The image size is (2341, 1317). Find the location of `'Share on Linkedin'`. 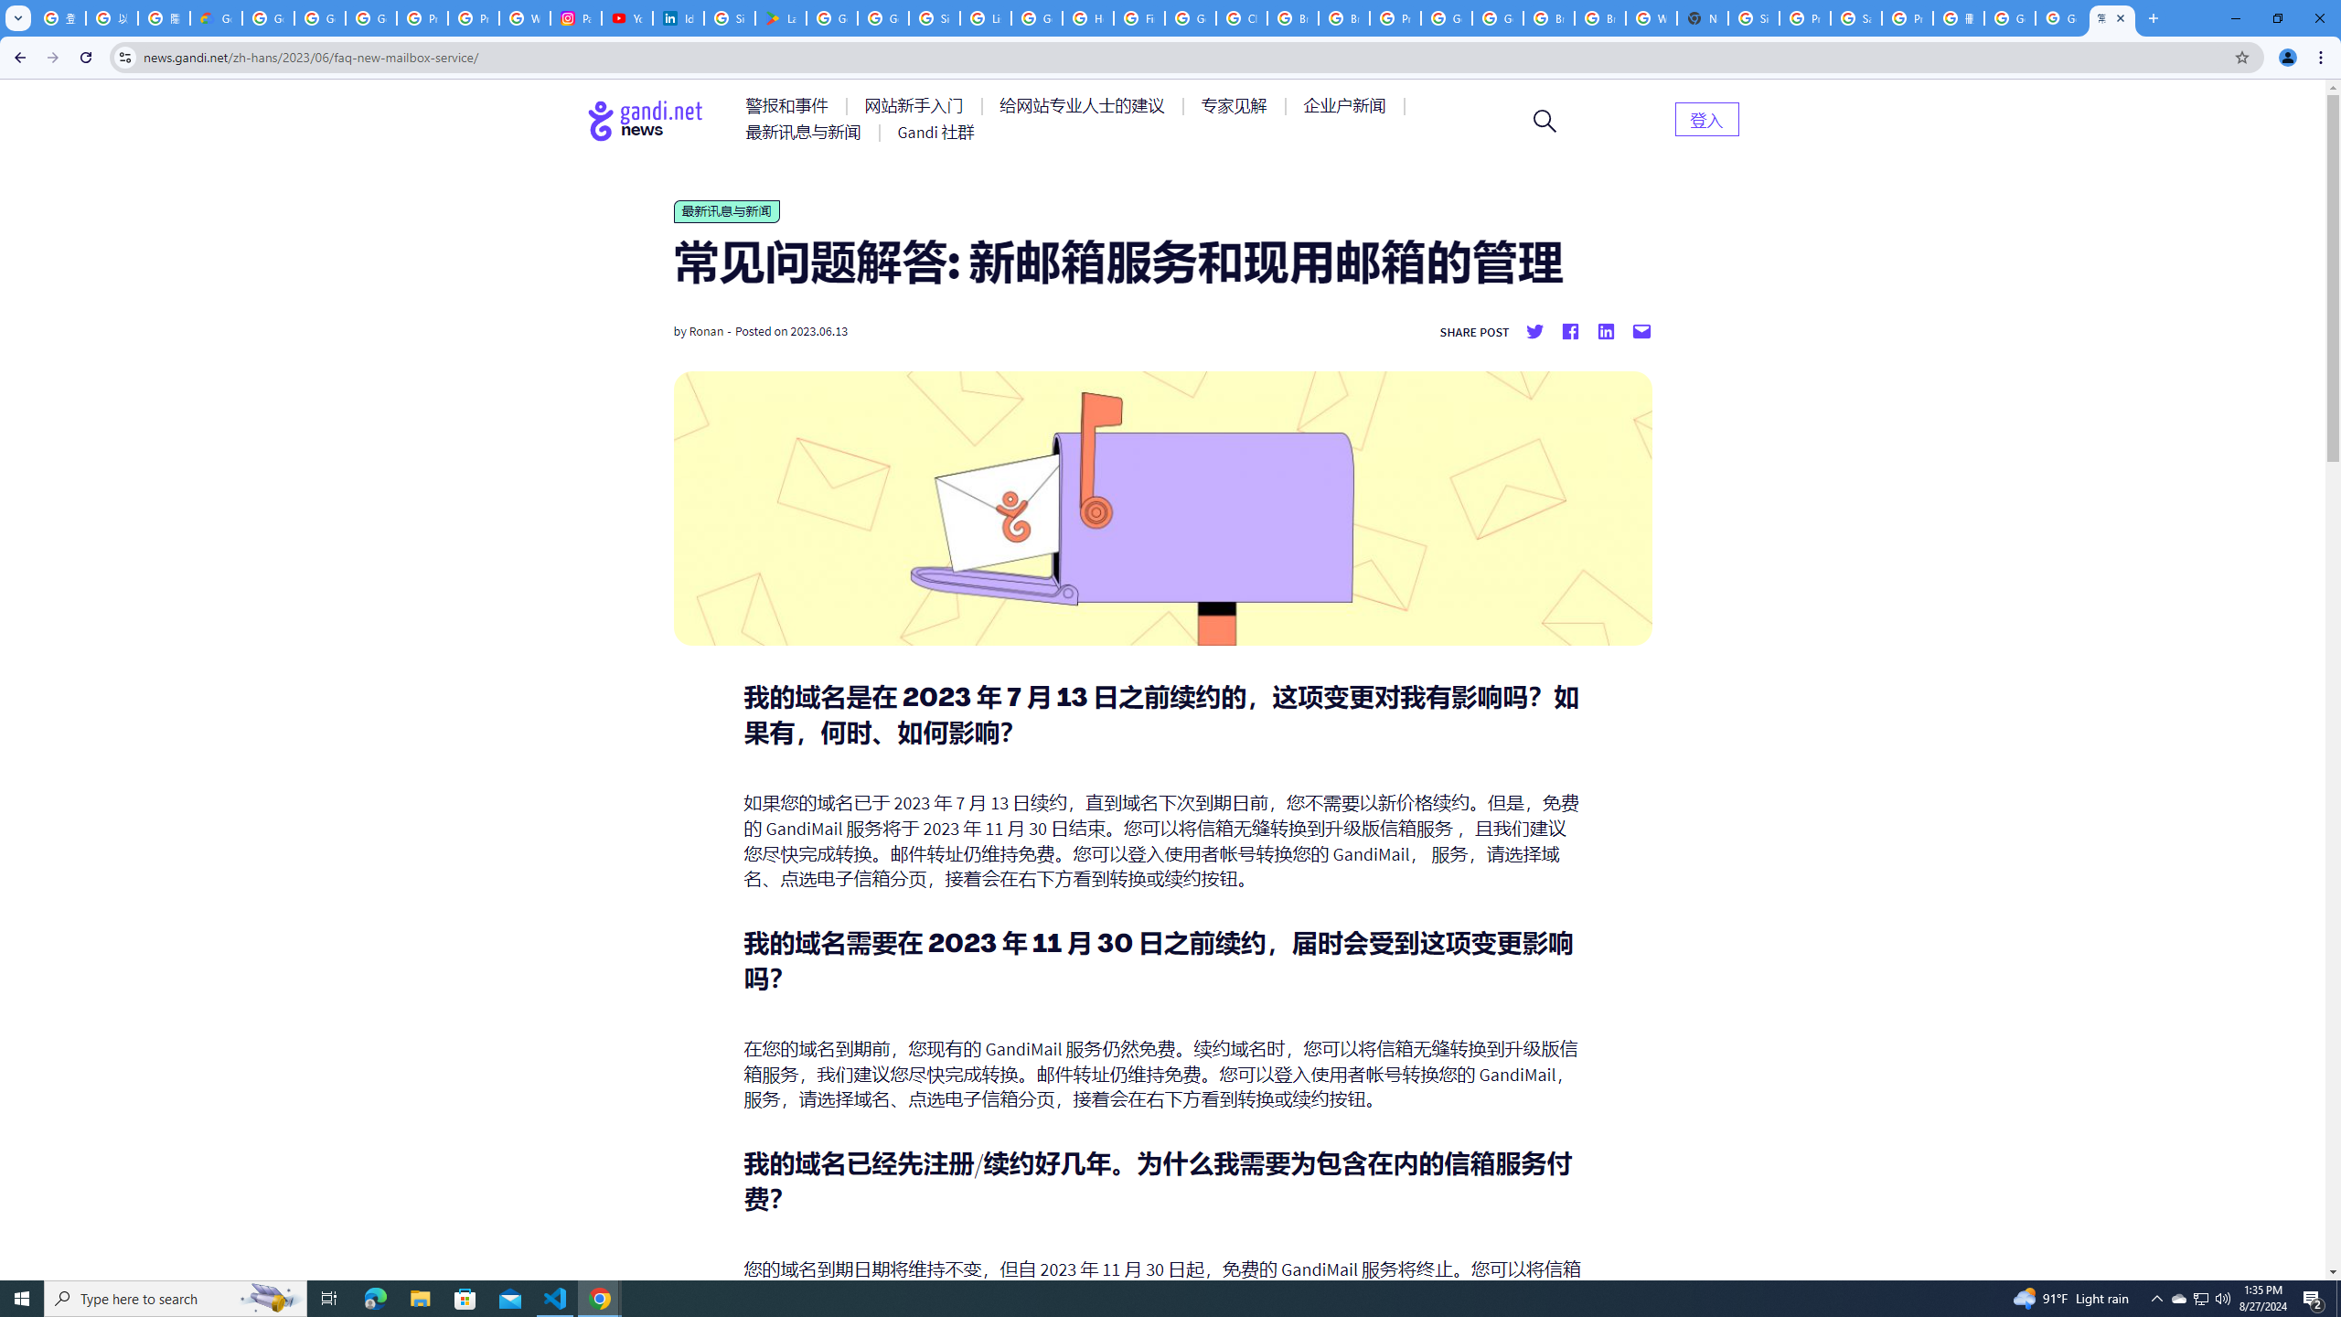

'Share on Linkedin' is located at coordinates (1606, 330).